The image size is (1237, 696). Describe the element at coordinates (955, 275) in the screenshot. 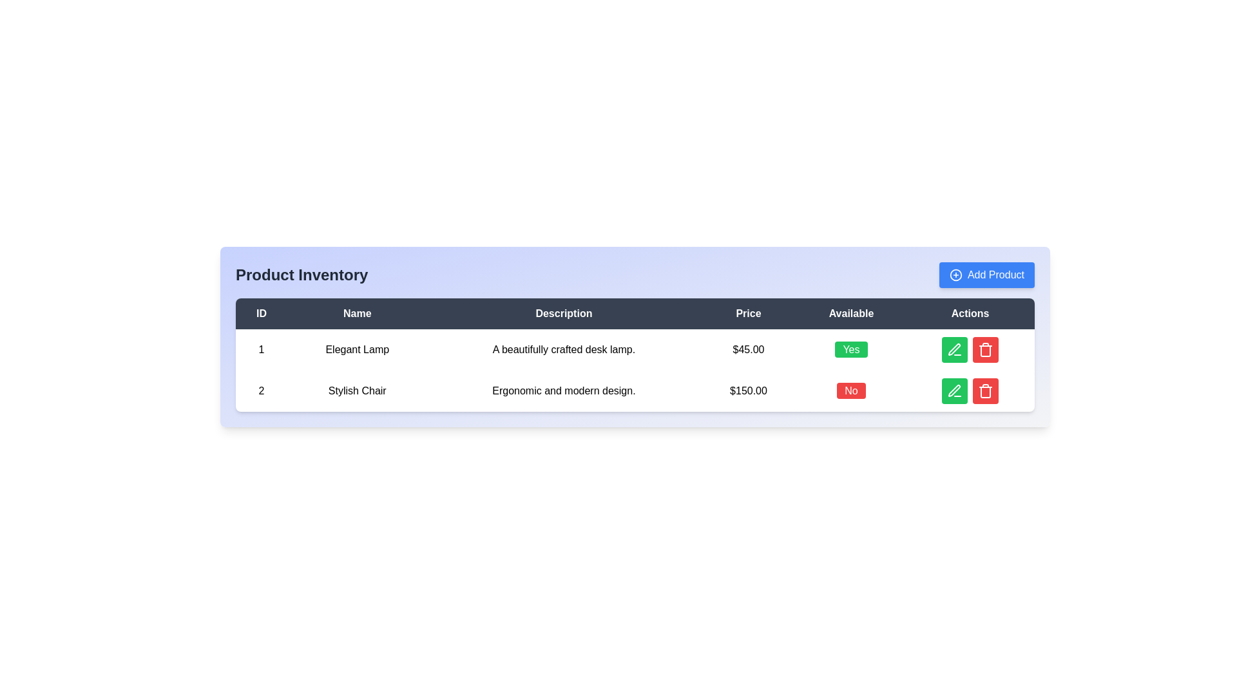

I see `the circular icon with a plus sign inside, located to the left of the 'Add Product' text on the blue button` at that location.